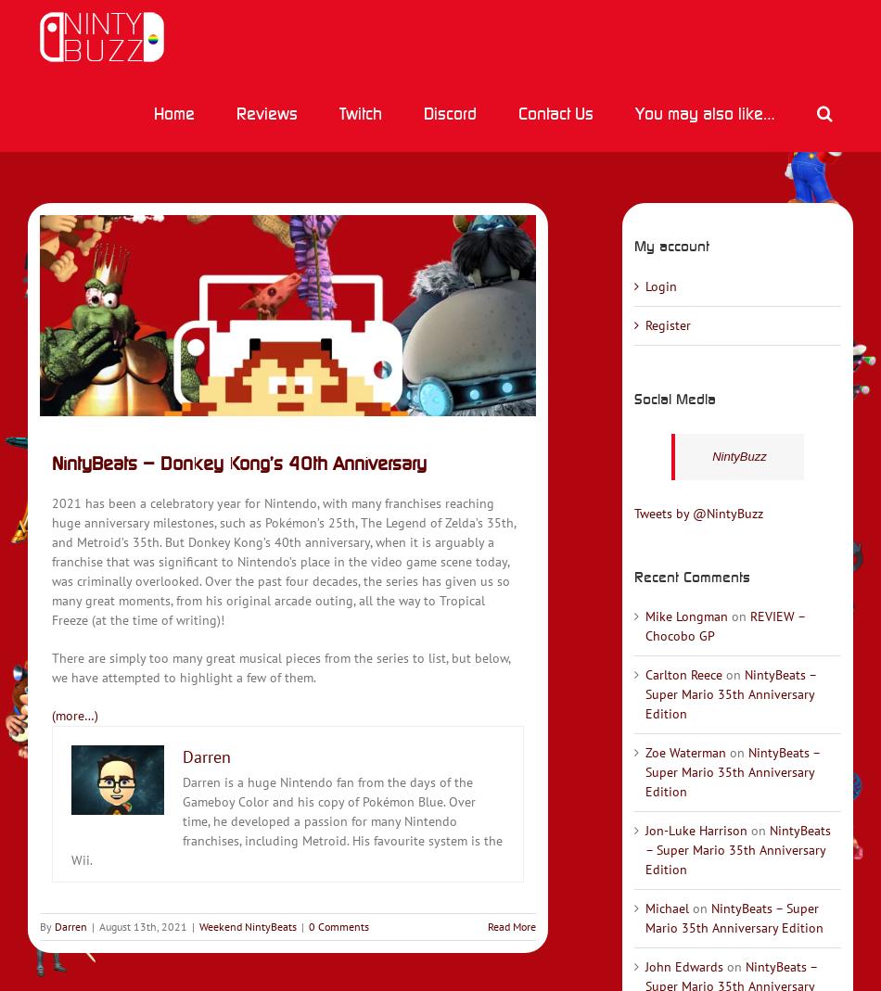  I want to click on '2021 has been a celebratory year for Nintendo, with many franchises reaching huge anniversary milestones, such as Pokémon’s 25th, The Legend of Zelda’s 35th, and Metroid’s 35th. But Donkey Kong’s 40th anniversary, when it is arguably a franchise that was significant to Nintendo’s place in the video game scene today, was criminally overlooked. Over the past four decades, the series has given us so many great moments, from his original arcade outing, all the way to Tropical Freeze (at the time of writing)!', so click(282, 562).